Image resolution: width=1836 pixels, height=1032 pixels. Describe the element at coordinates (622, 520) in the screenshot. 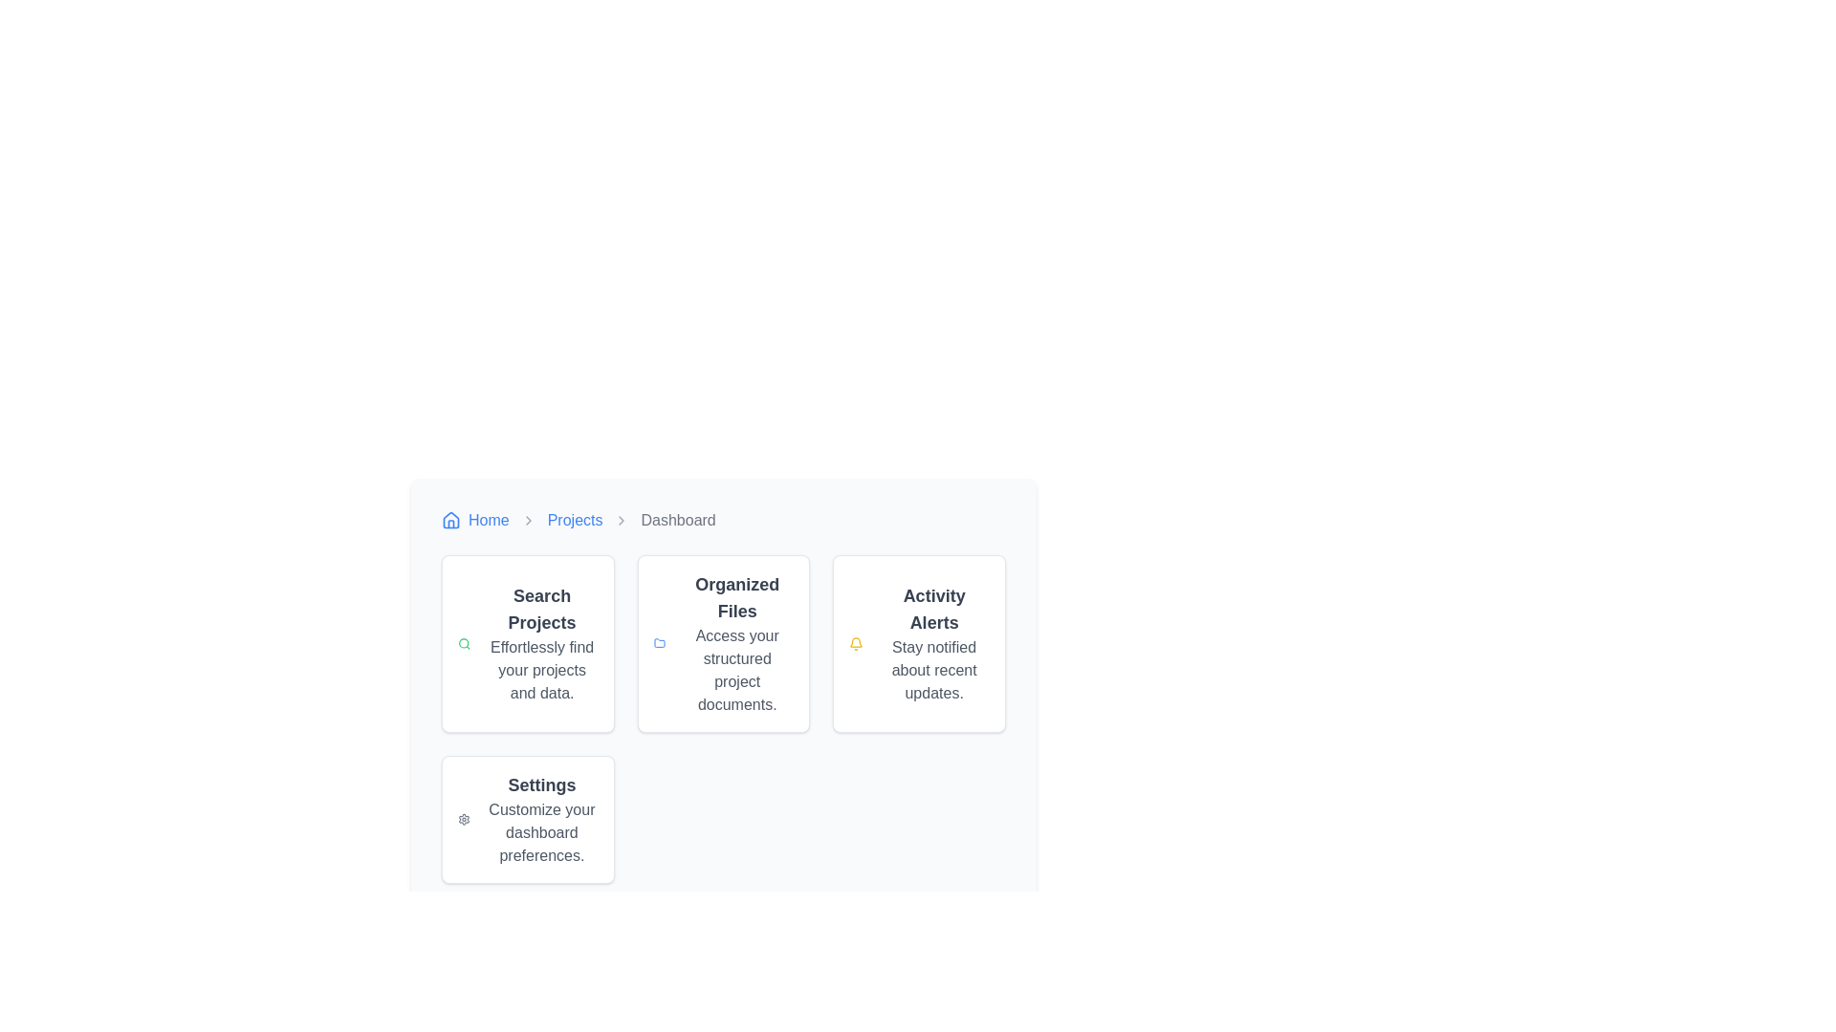

I see `the second chevron-shaped icon in the breadcrumb navigation, which is positioned between the 'Projects' and 'Dashboard' labels` at that location.